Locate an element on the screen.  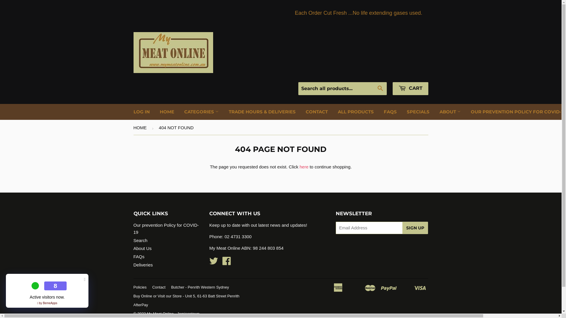
'AfterPay' is located at coordinates (133, 305).